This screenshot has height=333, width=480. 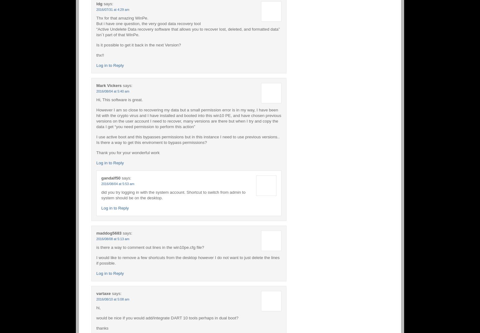 I want to click on 'Hi, This software is great.', so click(x=119, y=99).